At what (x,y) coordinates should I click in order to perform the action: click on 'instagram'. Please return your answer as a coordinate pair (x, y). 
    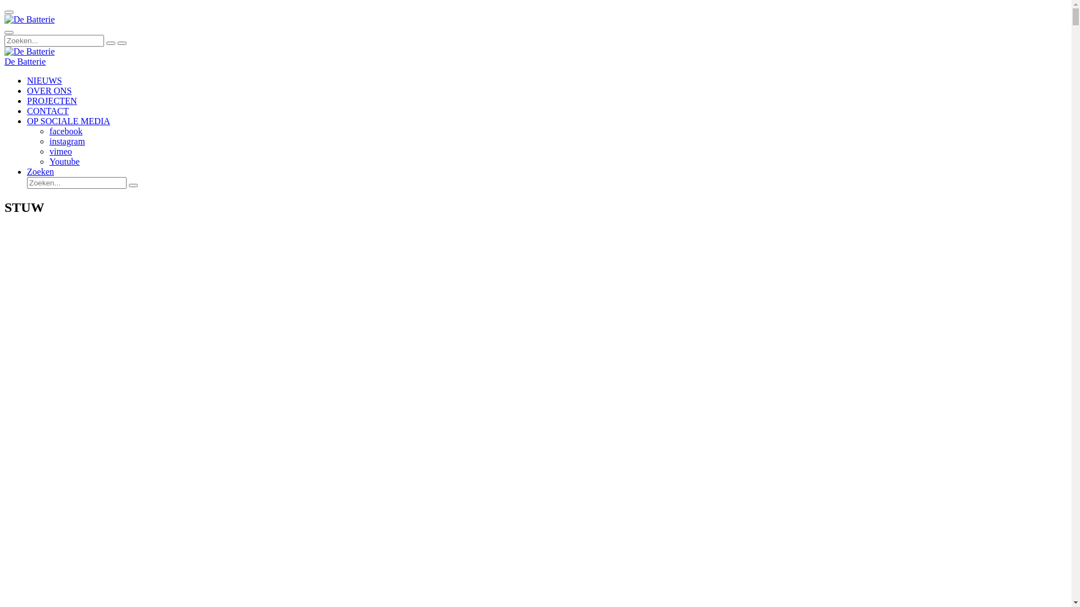
    Looking at the image, I should click on (66, 141).